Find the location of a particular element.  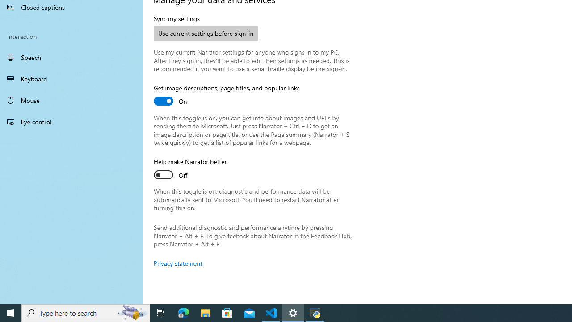

'Help make Narrator better' is located at coordinates (190, 169).